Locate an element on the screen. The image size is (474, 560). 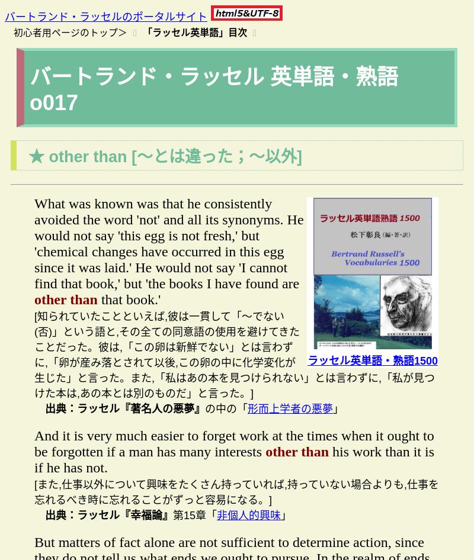
'What was known was that he consistently avoided the word 'not' and all its synonyms. He would not say 'this egg is not fresh,' but 'chemical changes have occurred in this egg since it was laid.' He would not say 'I cannot find that book,' but 'the books I have found are' is located at coordinates (169, 242).